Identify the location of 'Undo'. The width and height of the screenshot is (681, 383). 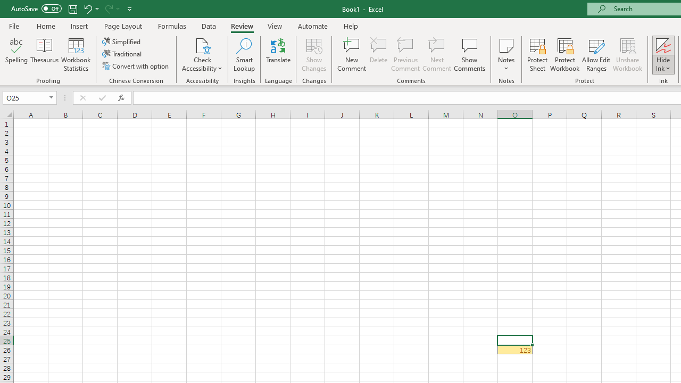
(87, 9).